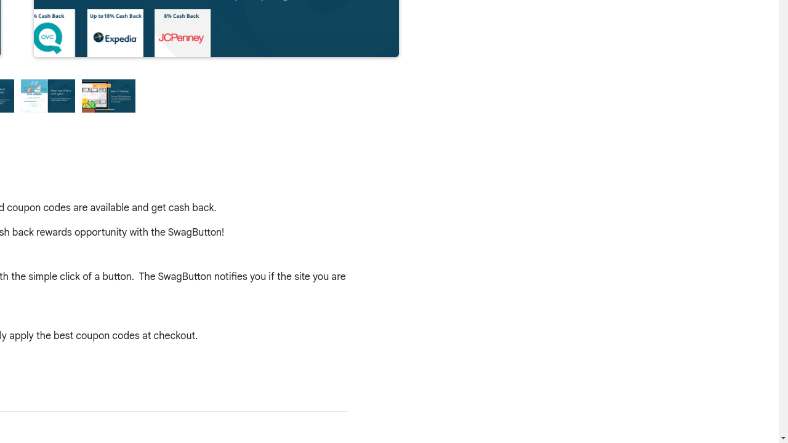 This screenshot has height=443, width=788. I want to click on 'Preview slide 4', so click(109, 95).